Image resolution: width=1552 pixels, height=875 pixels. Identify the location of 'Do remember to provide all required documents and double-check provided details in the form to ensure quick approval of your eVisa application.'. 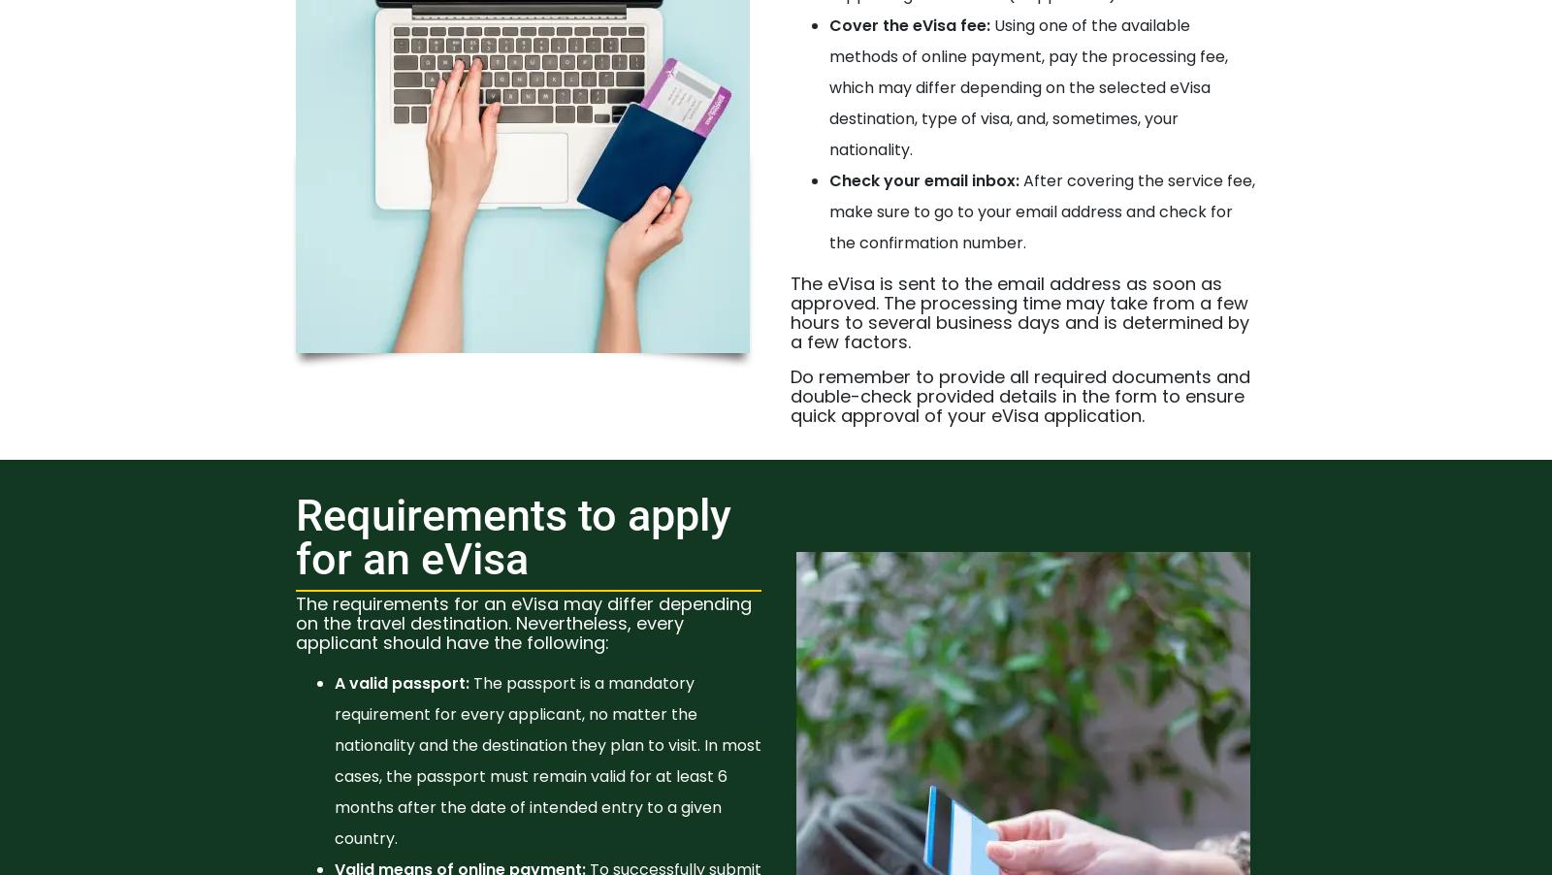
(1020, 395).